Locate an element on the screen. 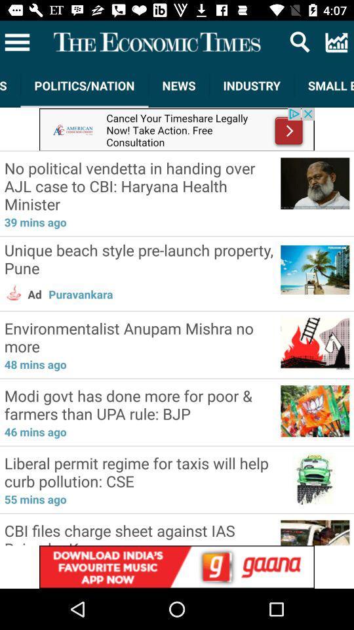  search icon is located at coordinates (300, 42).